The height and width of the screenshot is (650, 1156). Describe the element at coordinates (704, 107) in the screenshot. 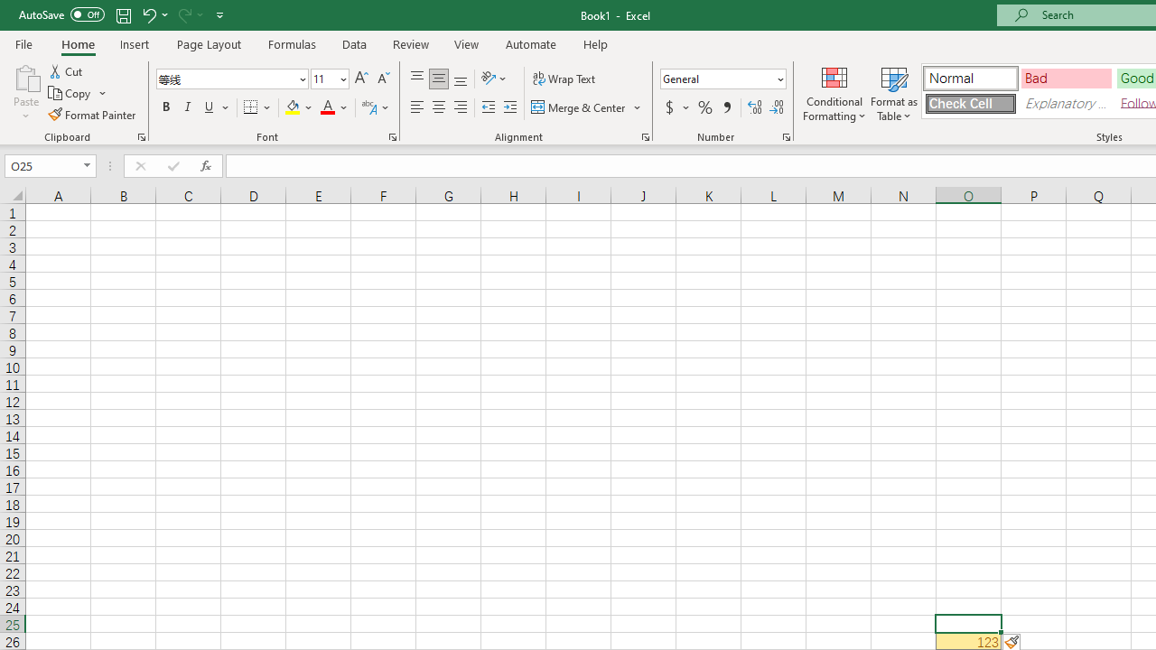

I see `'Percent Style'` at that location.